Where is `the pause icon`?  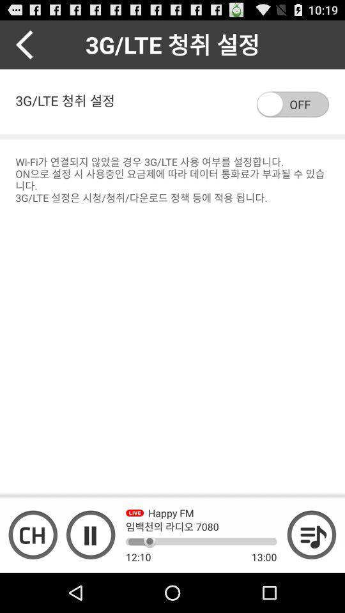 the pause icon is located at coordinates (90, 571).